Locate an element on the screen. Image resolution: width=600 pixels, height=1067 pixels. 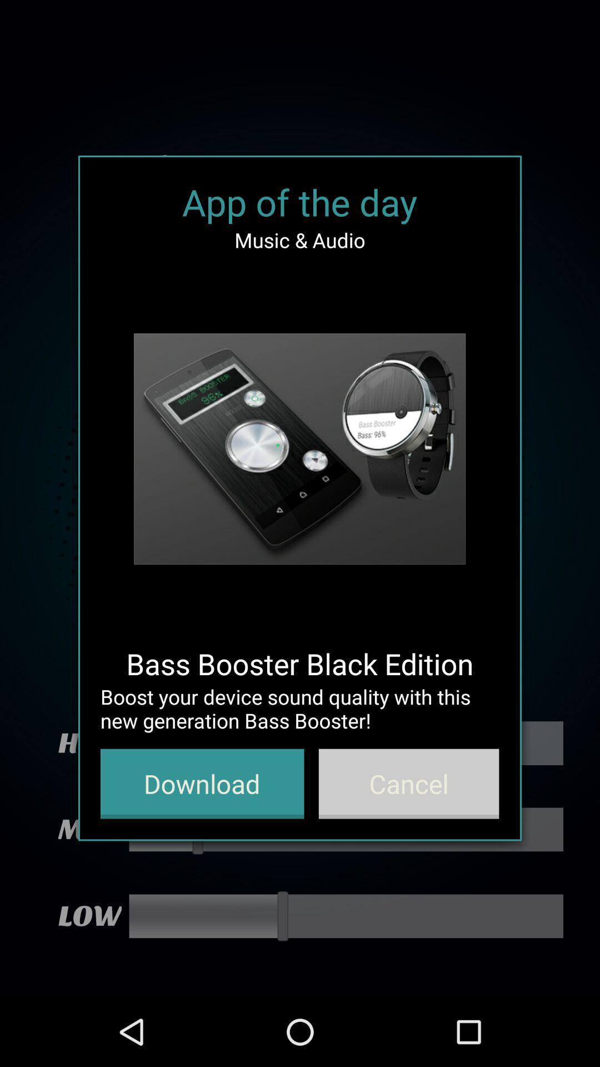
the item next to download is located at coordinates (409, 783).